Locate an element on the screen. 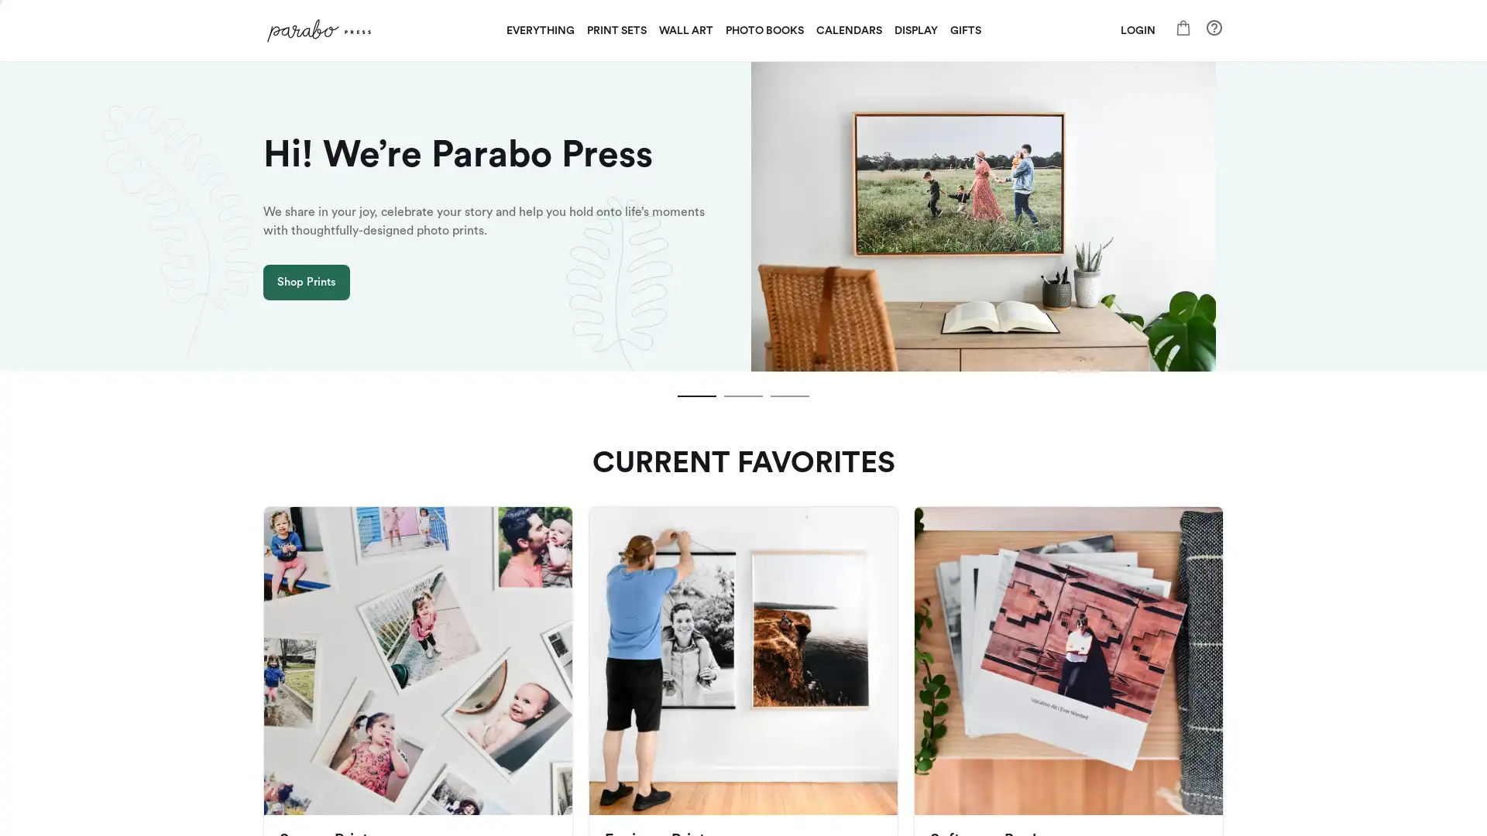  slide dot is located at coordinates (789, 396).